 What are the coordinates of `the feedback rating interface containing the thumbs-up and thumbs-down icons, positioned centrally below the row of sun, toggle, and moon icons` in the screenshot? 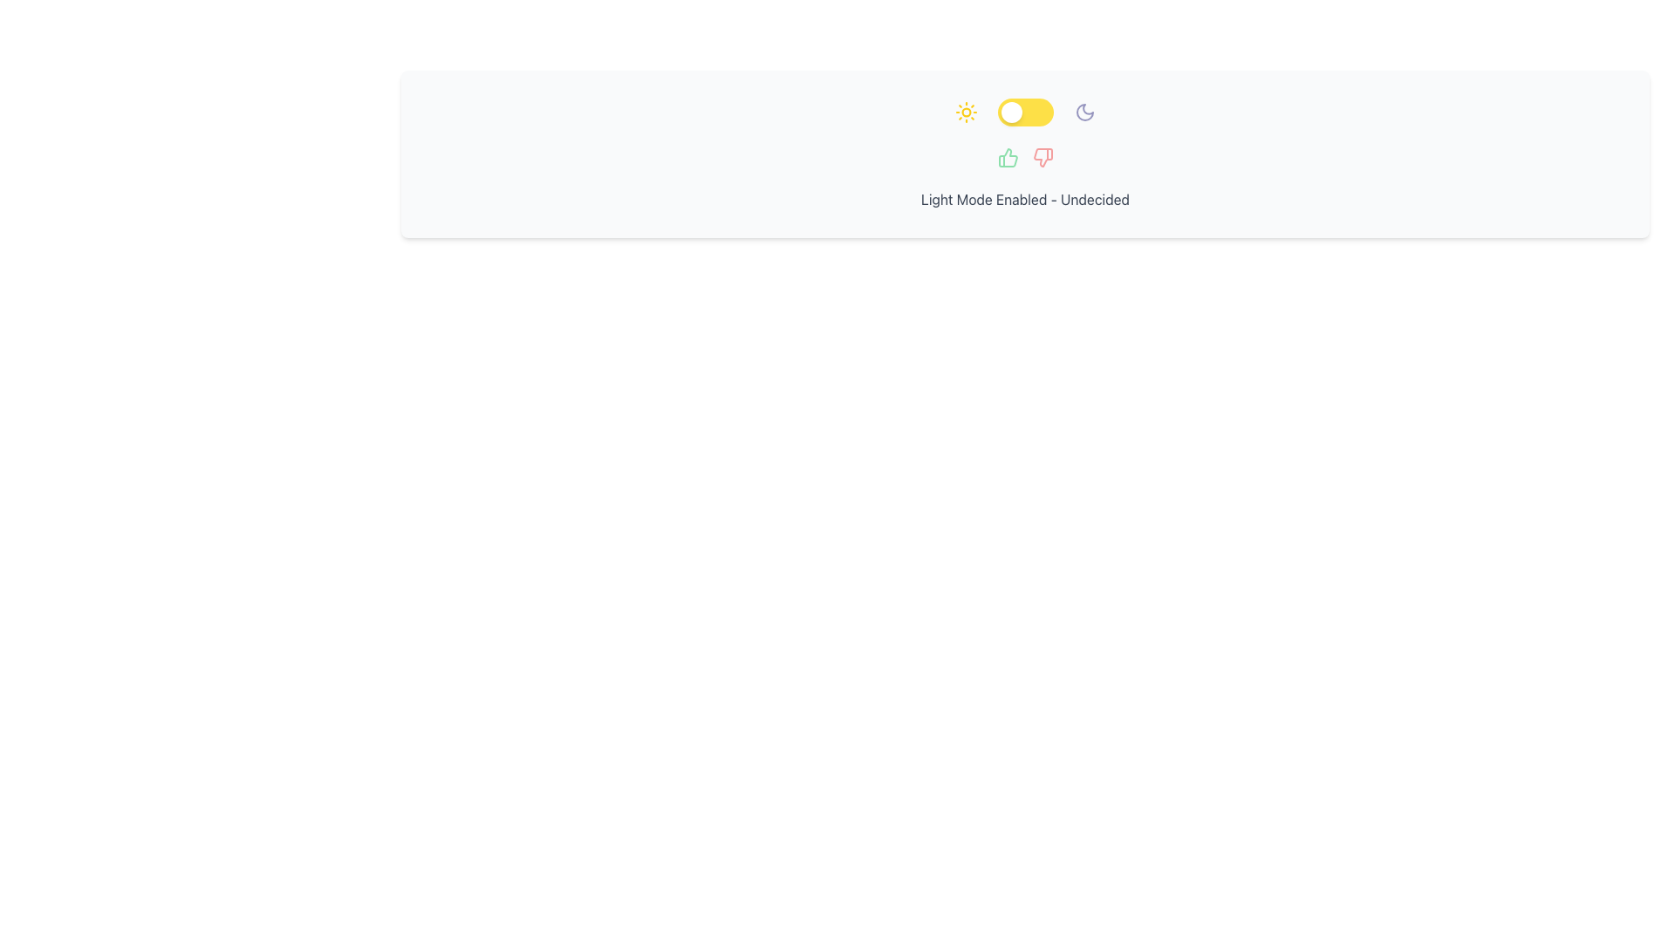 It's located at (1025, 158).